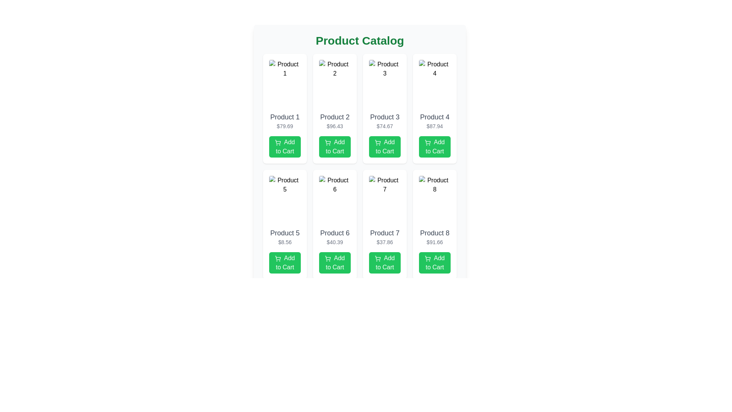  What do you see at coordinates (278, 258) in the screenshot?
I see `the 'Add to Cart' icon located centrally within the green button under 'Product 5' in the catalog grid` at bounding box center [278, 258].